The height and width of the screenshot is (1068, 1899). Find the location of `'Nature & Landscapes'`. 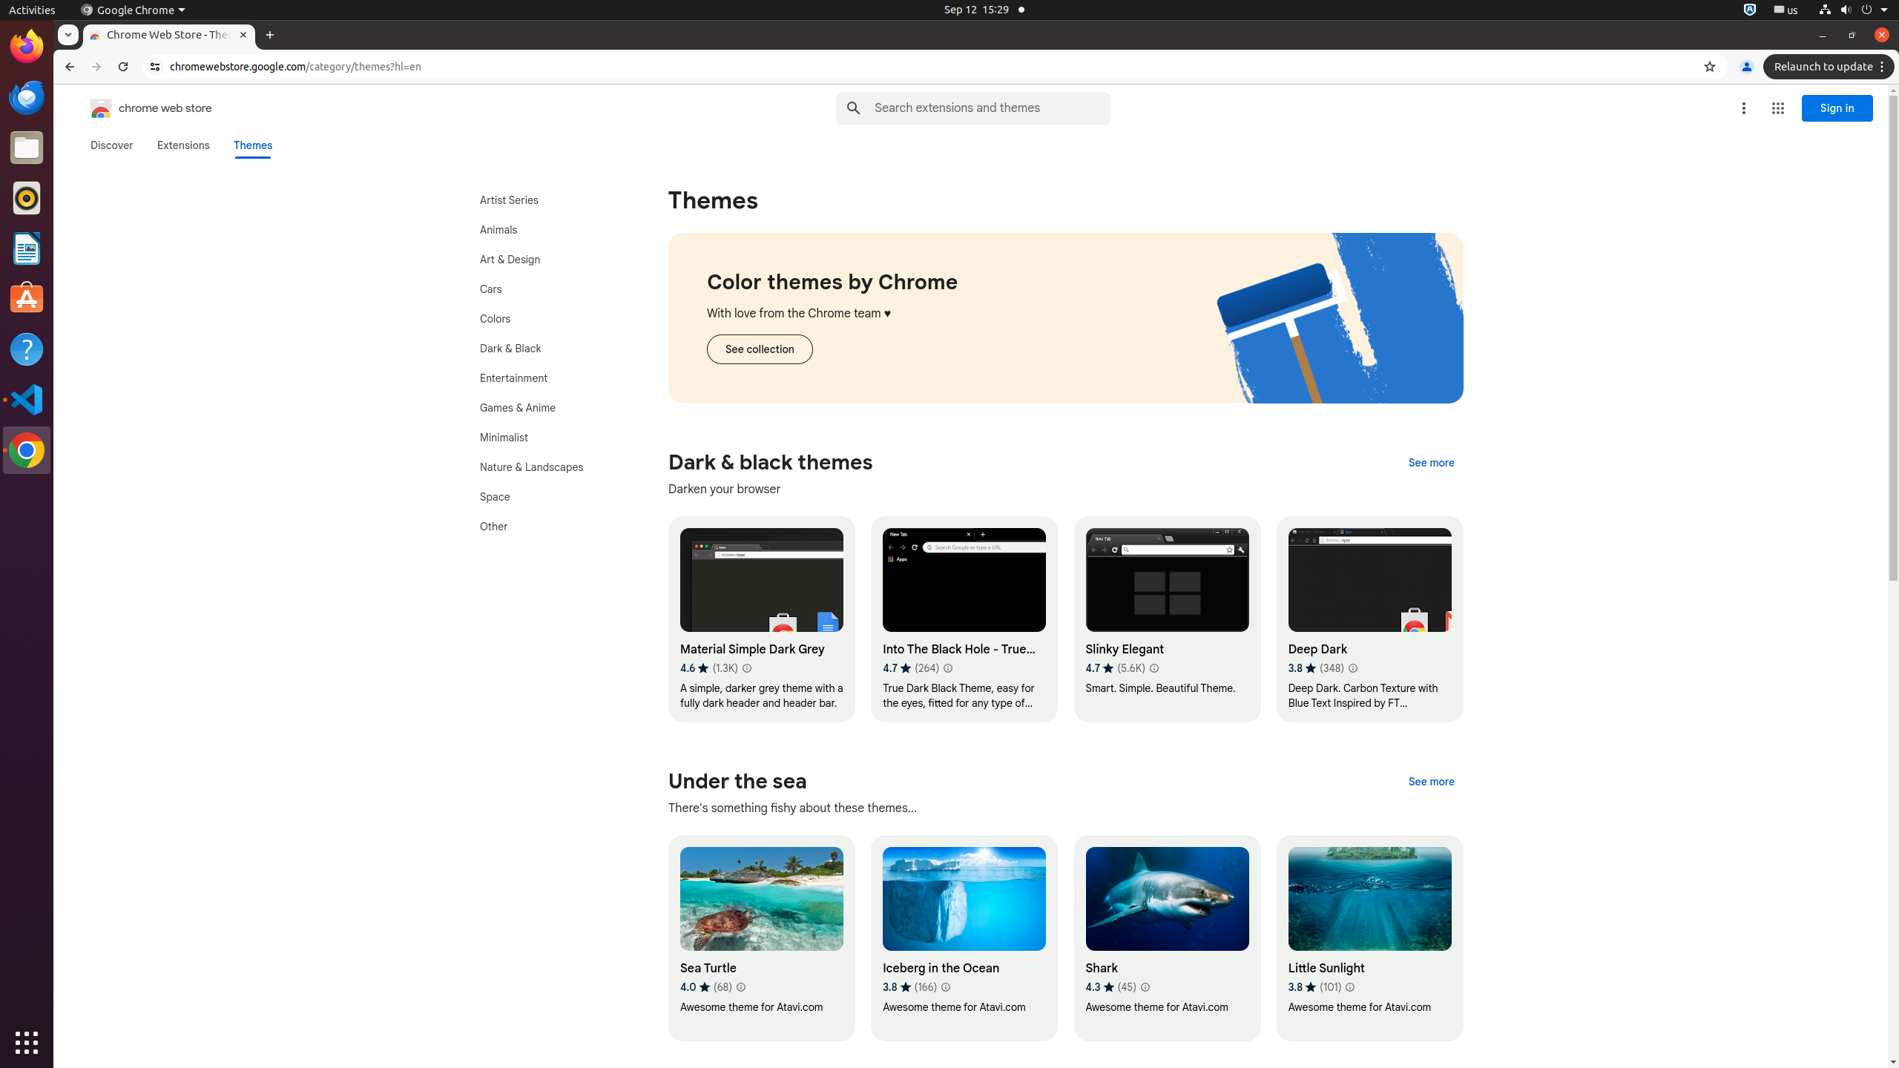

'Nature & Landscapes' is located at coordinates (547, 467).